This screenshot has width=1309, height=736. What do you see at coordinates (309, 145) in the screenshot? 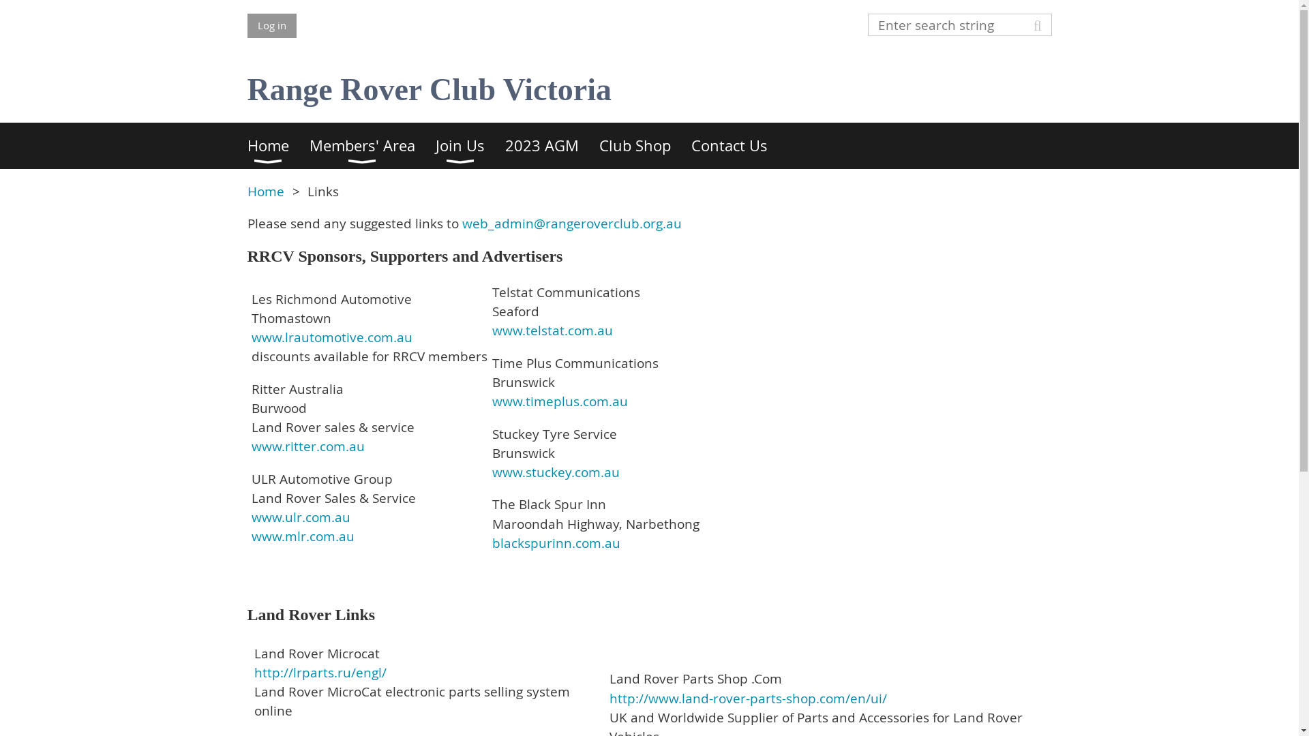
I see `'Members' Area'` at bounding box center [309, 145].